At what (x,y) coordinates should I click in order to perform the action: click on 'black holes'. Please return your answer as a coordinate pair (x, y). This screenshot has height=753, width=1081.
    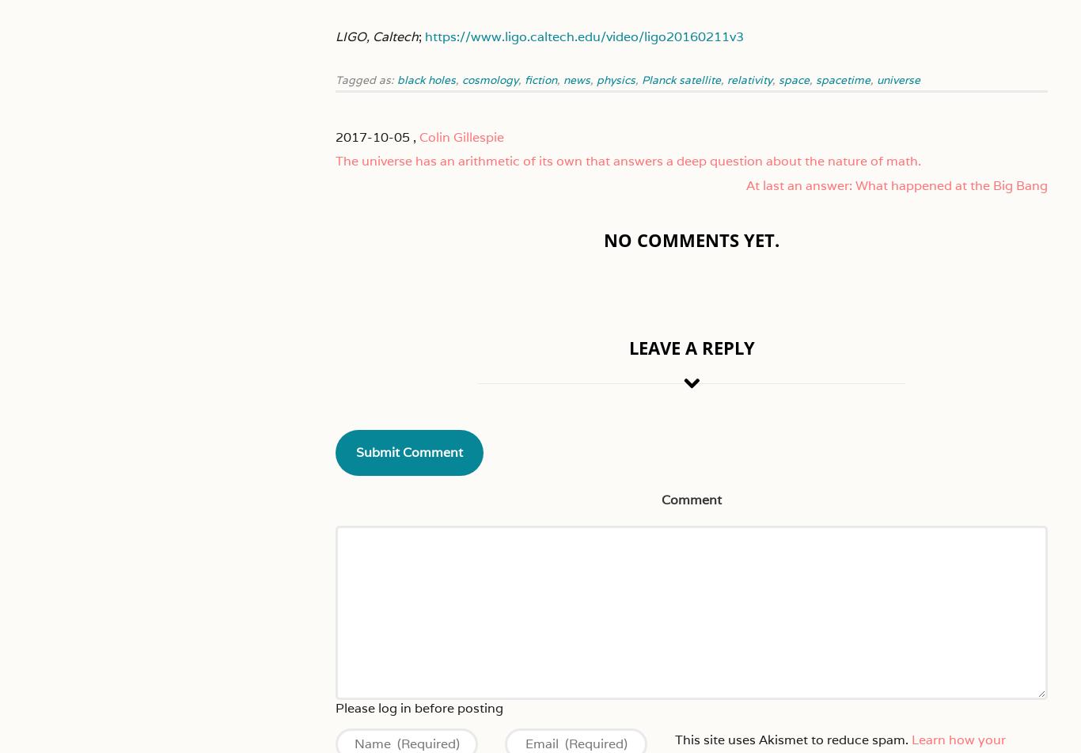
    Looking at the image, I should click on (427, 79).